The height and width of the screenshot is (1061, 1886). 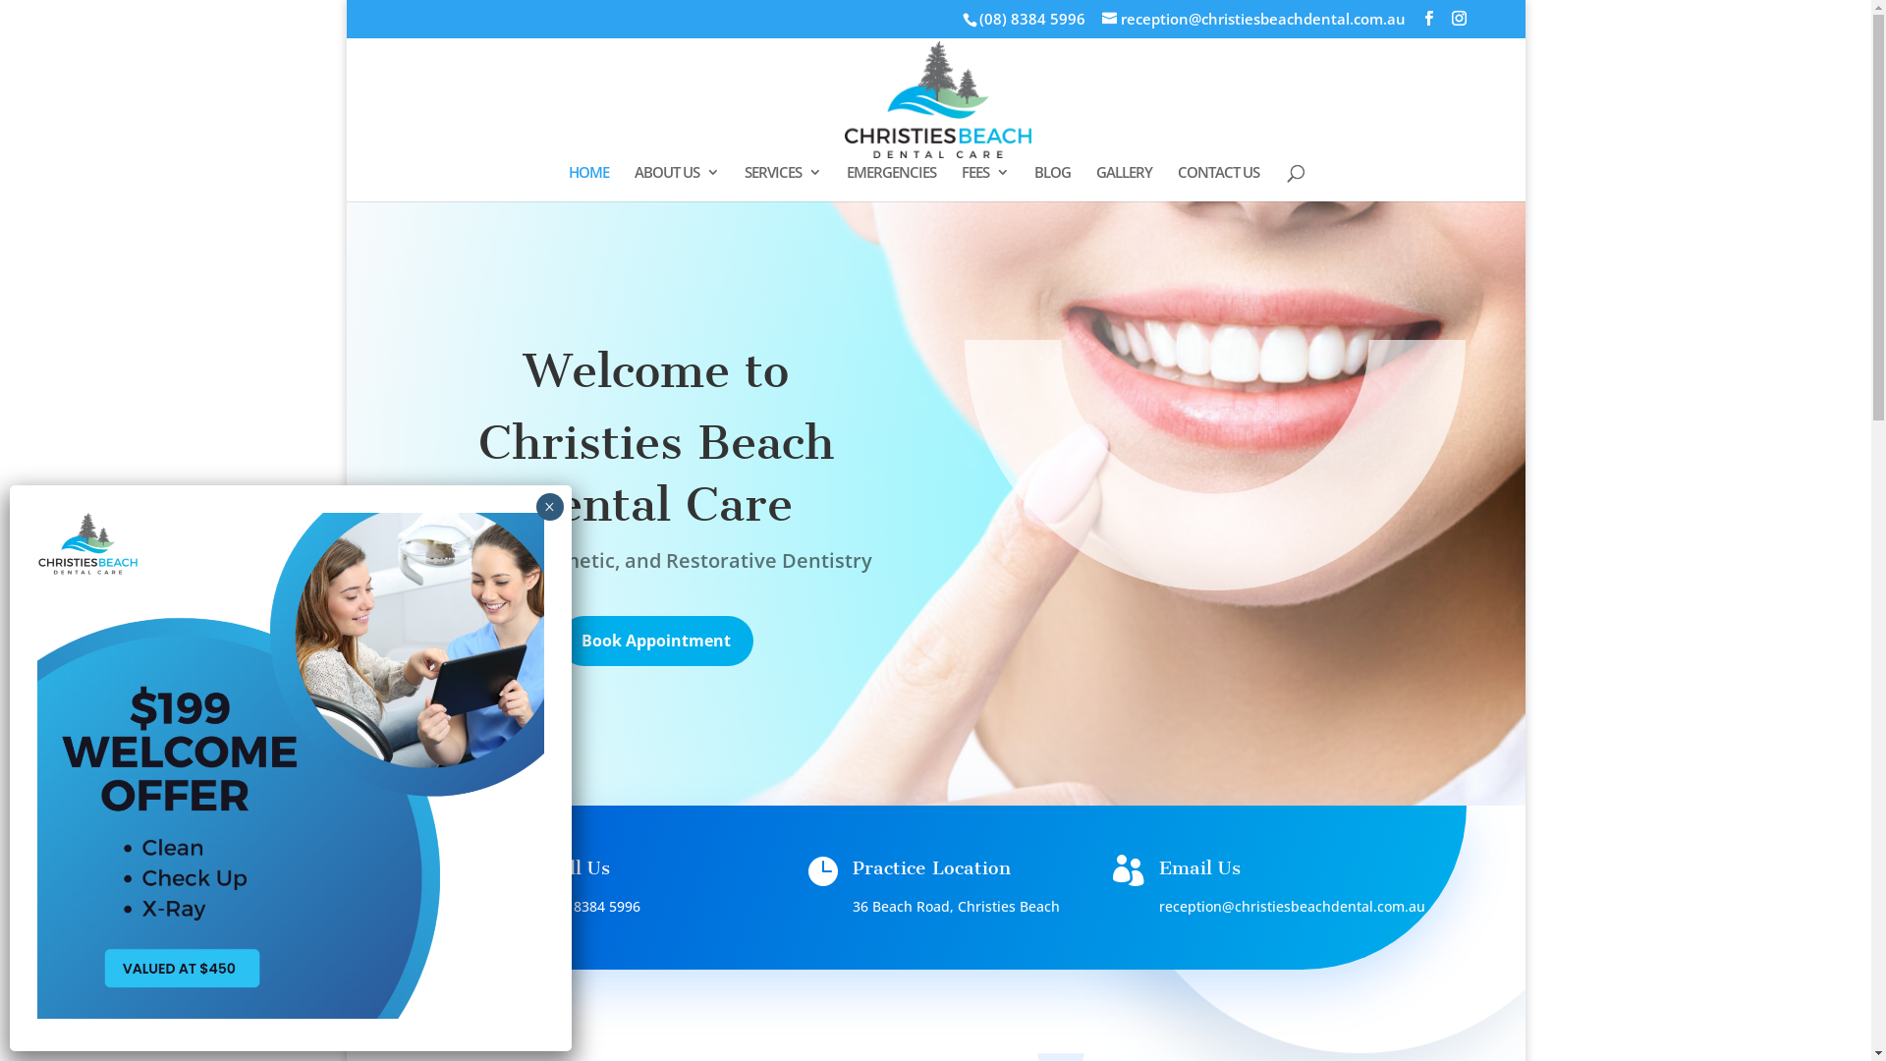 I want to click on 'FEES', so click(x=962, y=183).